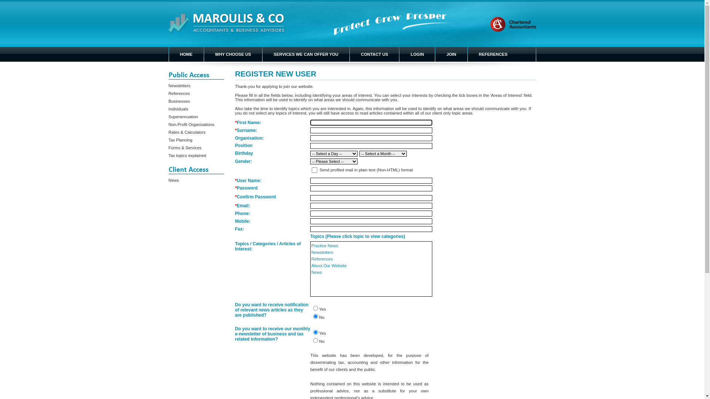 The width and height of the screenshot is (710, 399). What do you see at coordinates (173, 180) in the screenshot?
I see `'News'` at bounding box center [173, 180].